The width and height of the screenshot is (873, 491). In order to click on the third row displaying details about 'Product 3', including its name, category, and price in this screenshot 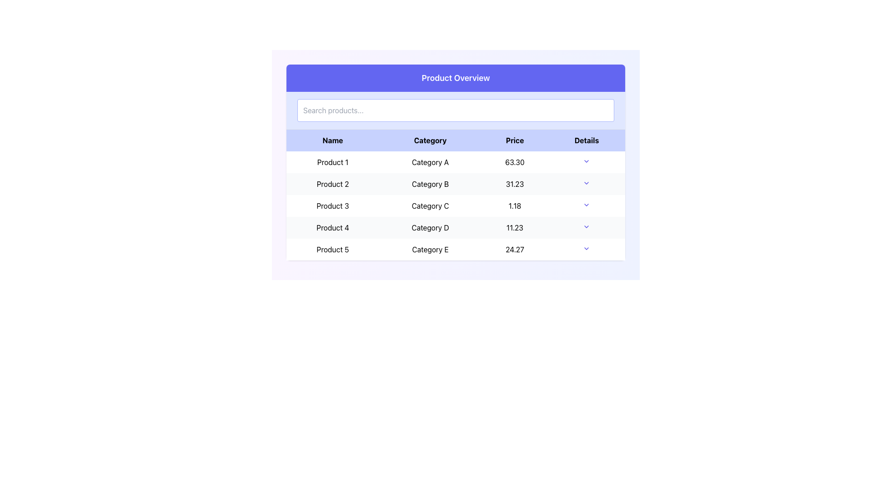, I will do `click(456, 205)`.